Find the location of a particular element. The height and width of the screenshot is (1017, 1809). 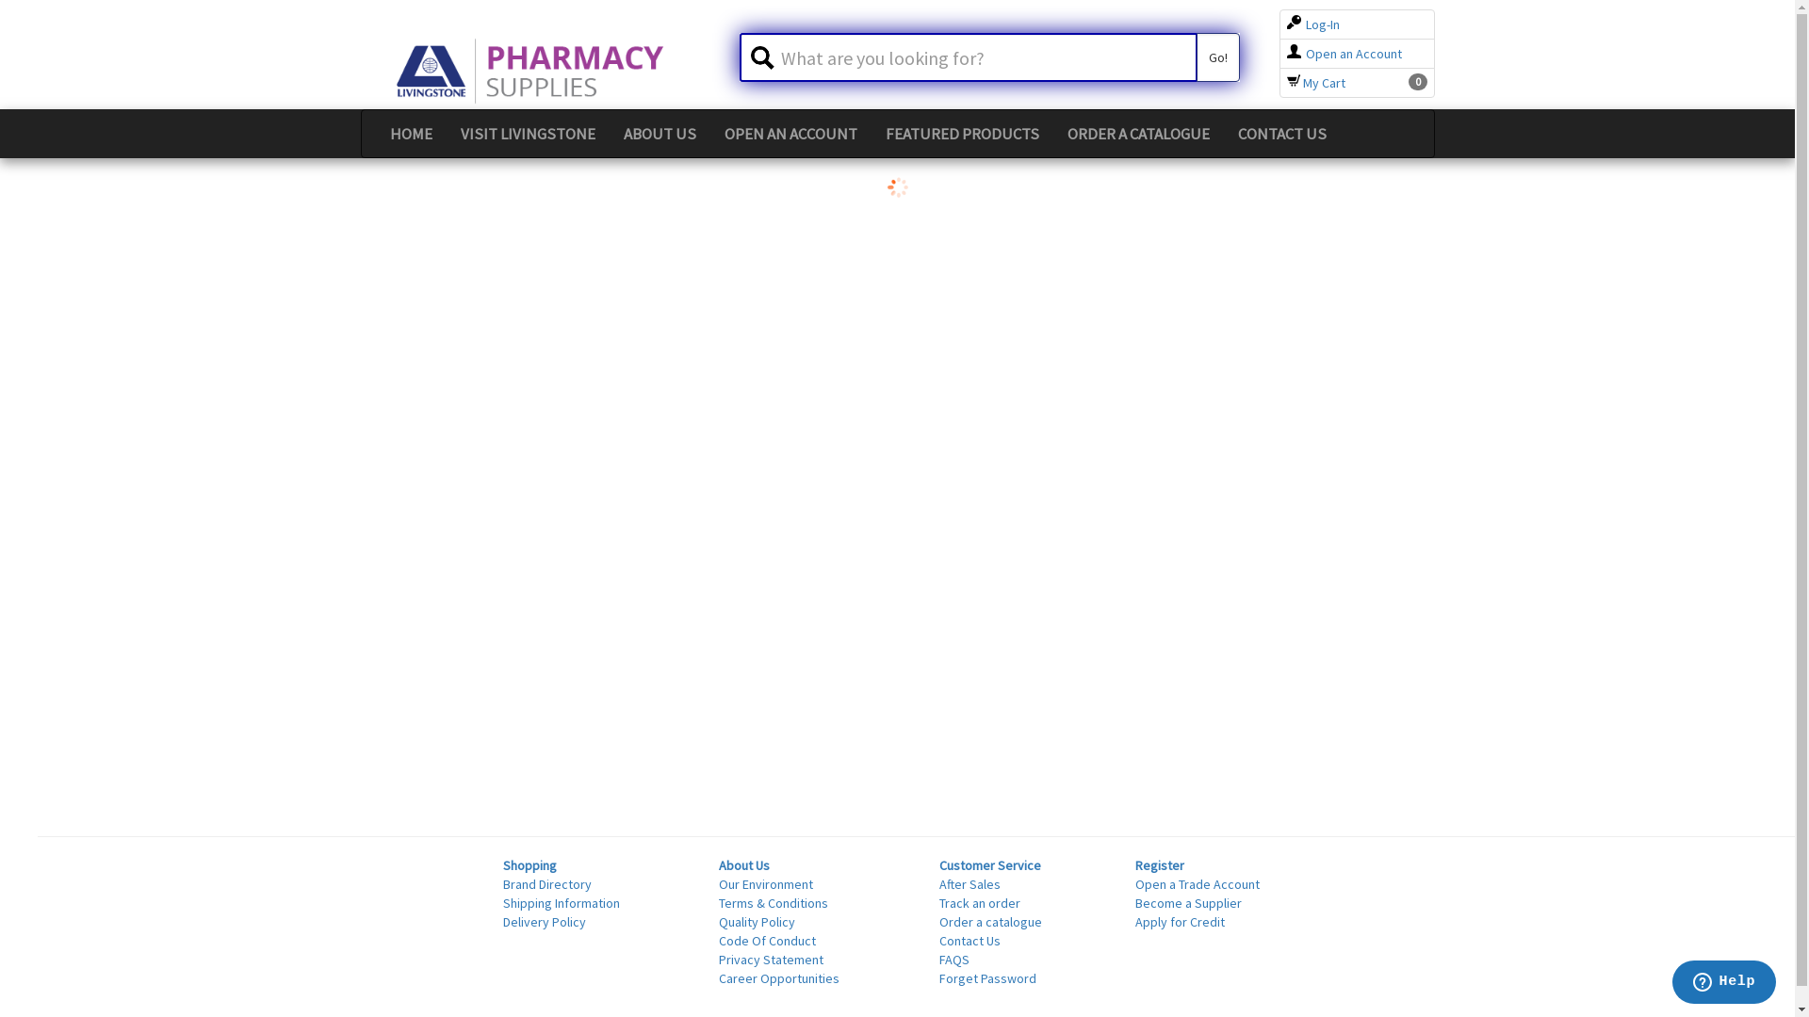

'ABOUT US' is located at coordinates (659, 133).